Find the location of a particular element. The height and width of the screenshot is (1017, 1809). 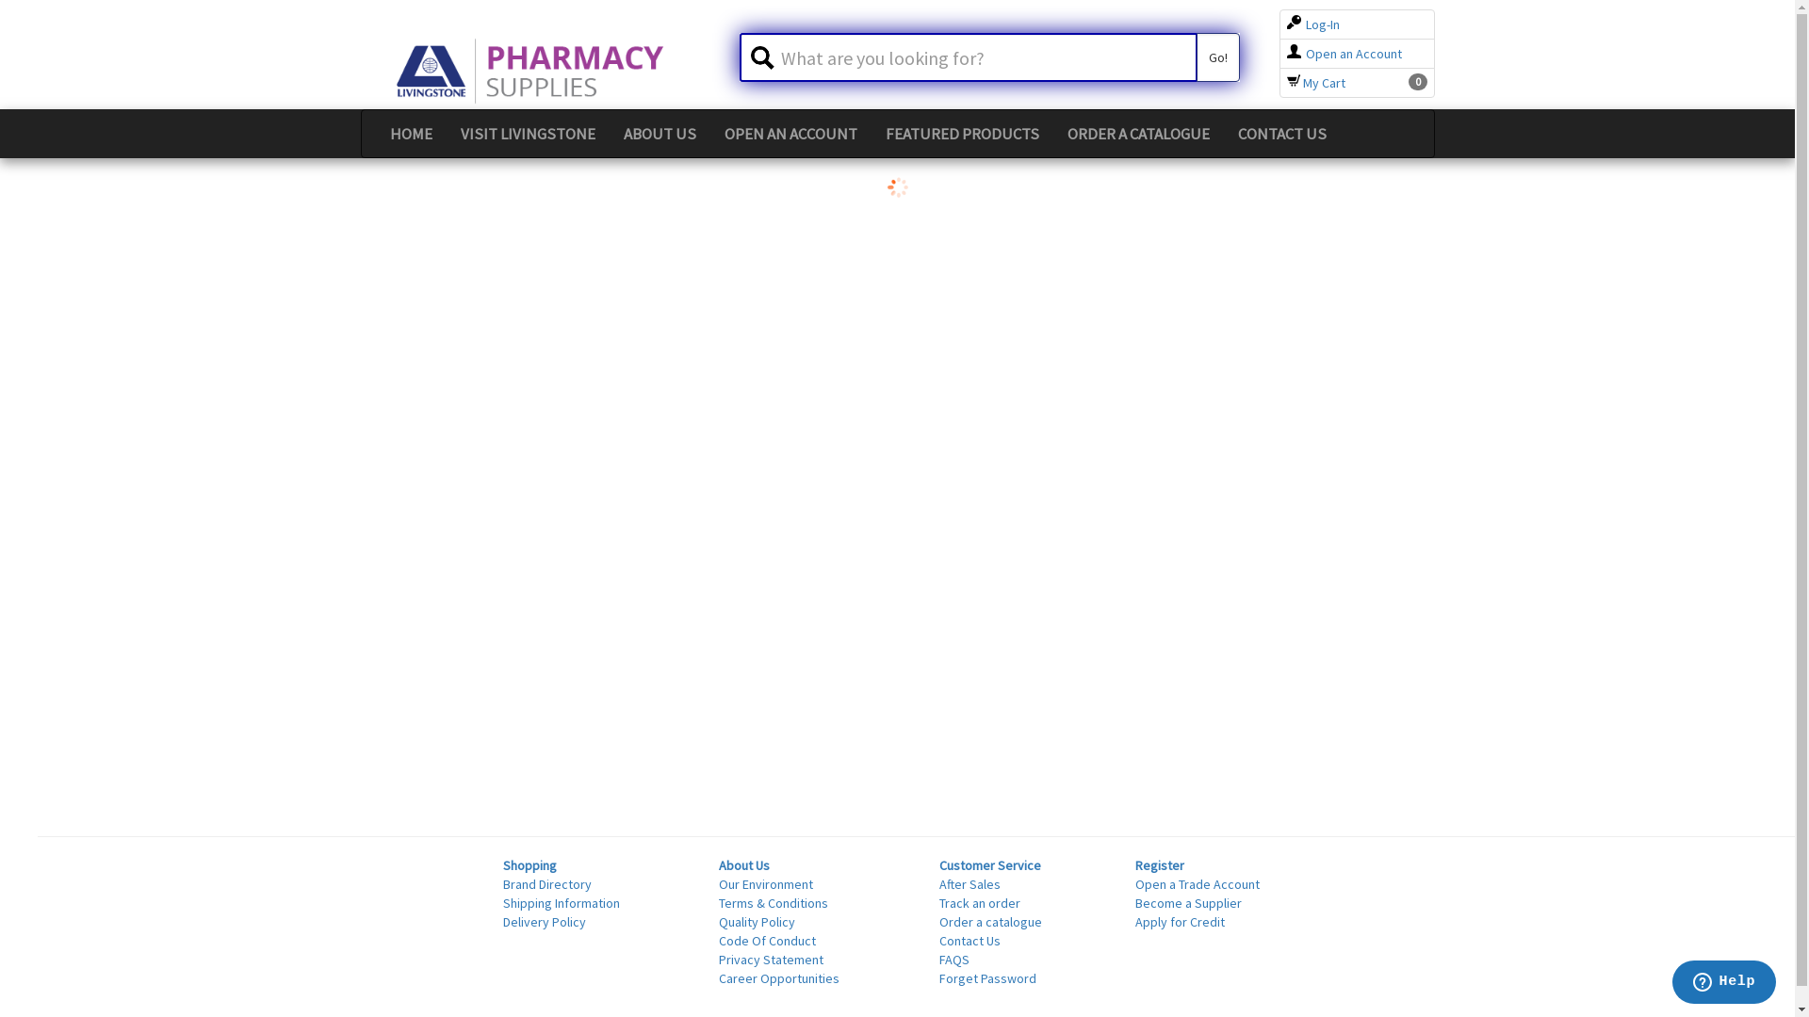

'ABOUT US' is located at coordinates (659, 133).